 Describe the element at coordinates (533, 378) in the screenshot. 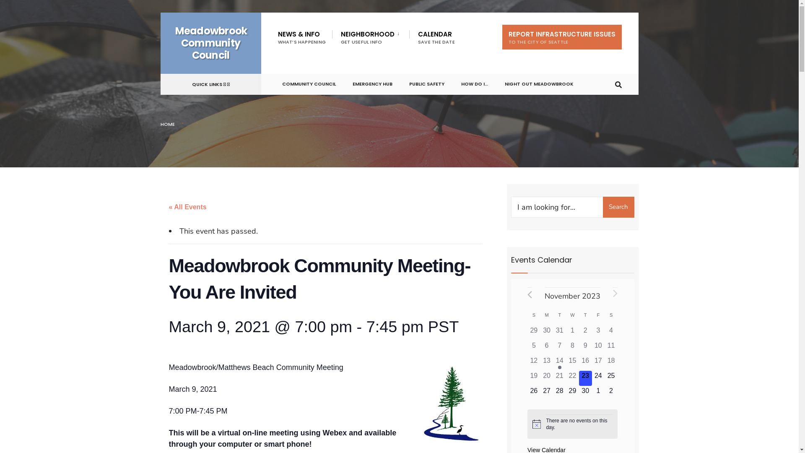

I see `'0 events,` at that location.